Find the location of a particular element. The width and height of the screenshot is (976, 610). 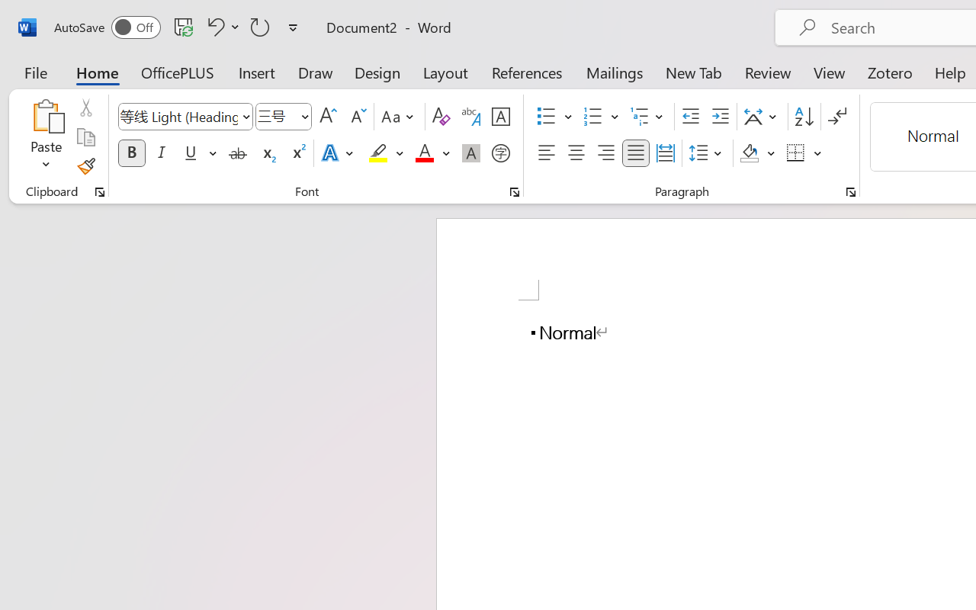

'Align Left' is located at coordinates (546, 153).